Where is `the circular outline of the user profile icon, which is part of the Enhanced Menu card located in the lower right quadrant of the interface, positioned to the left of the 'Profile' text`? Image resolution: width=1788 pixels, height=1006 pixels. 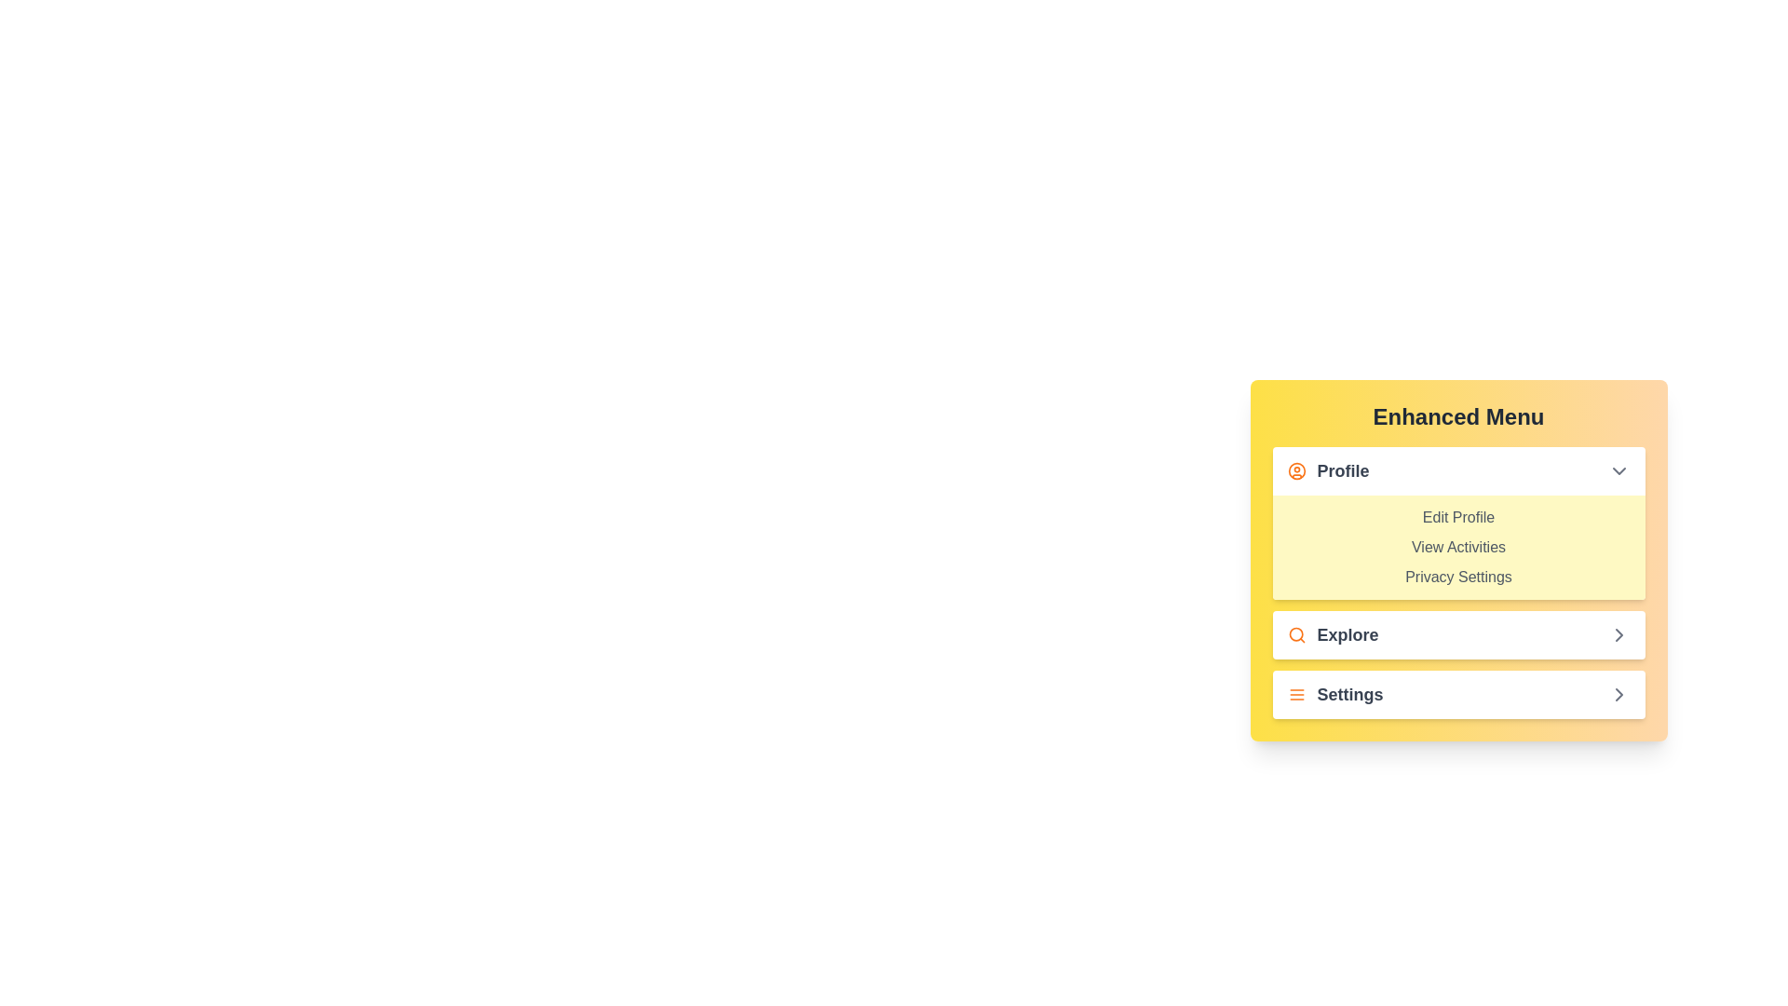 the circular outline of the user profile icon, which is part of the Enhanced Menu card located in the lower right quadrant of the interface, positioned to the left of the 'Profile' text is located at coordinates (1295, 469).